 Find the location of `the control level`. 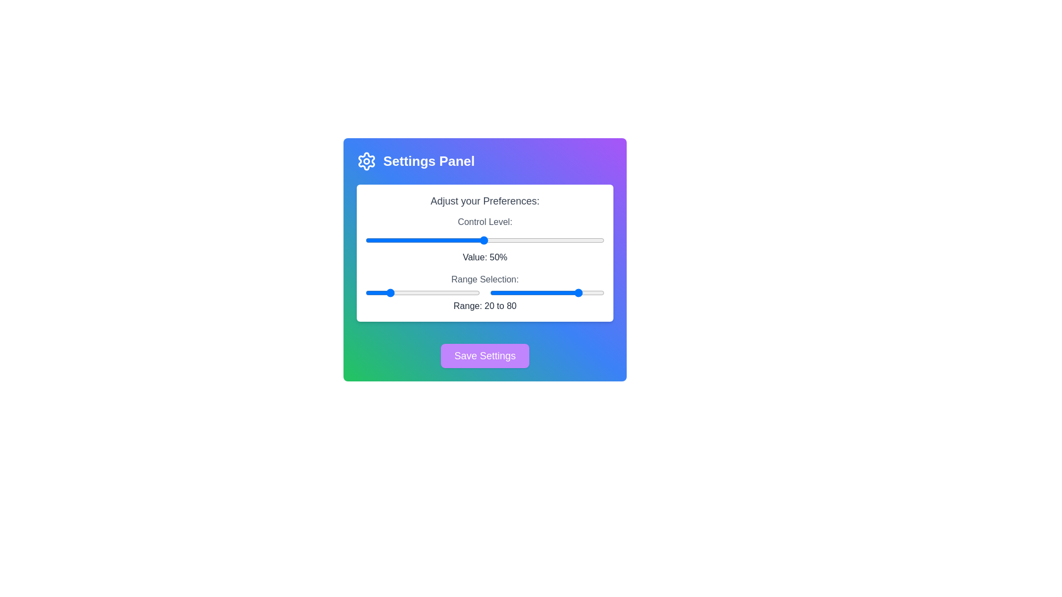

the control level is located at coordinates (397, 240).